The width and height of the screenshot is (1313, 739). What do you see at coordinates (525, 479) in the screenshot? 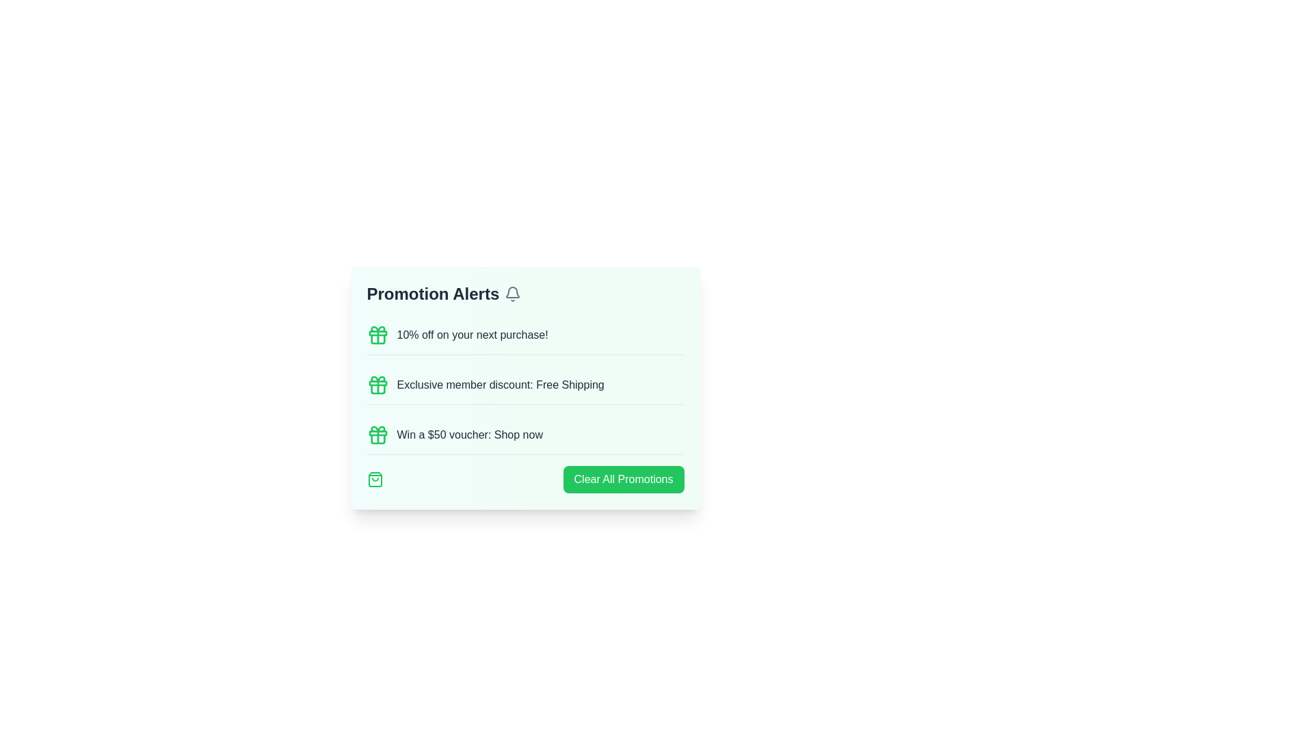
I see `the 'Clear All Promotions' button located at the bottom right of the promotional alert section to clear all promotions` at bounding box center [525, 479].